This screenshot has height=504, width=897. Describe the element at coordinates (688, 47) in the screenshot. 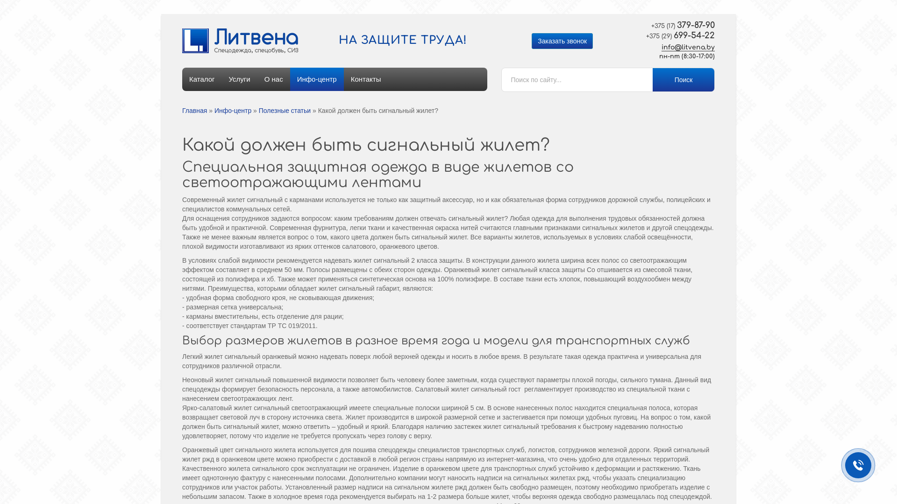

I see `'info@litvena.by'` at that location.